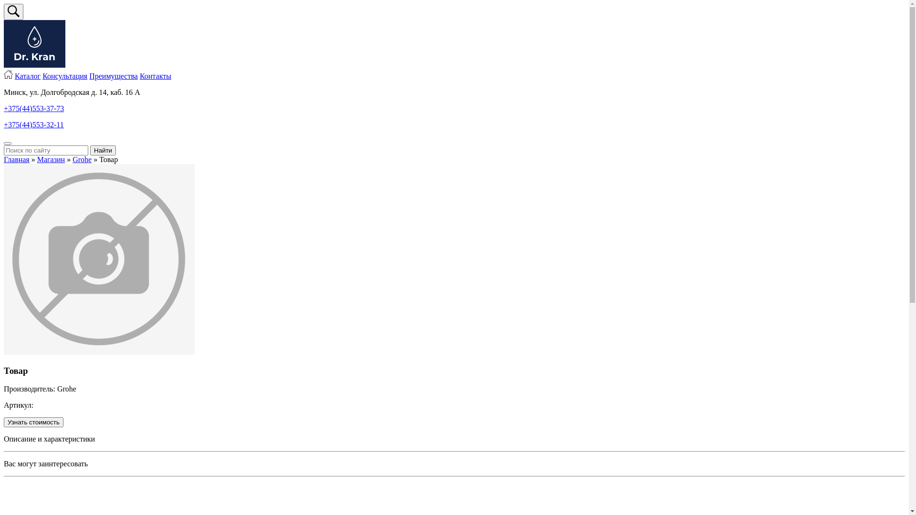  What do you see at coordinates (82, 159) in the screenshot?
I see `'Grohe'` at bounding box center [82, 159].